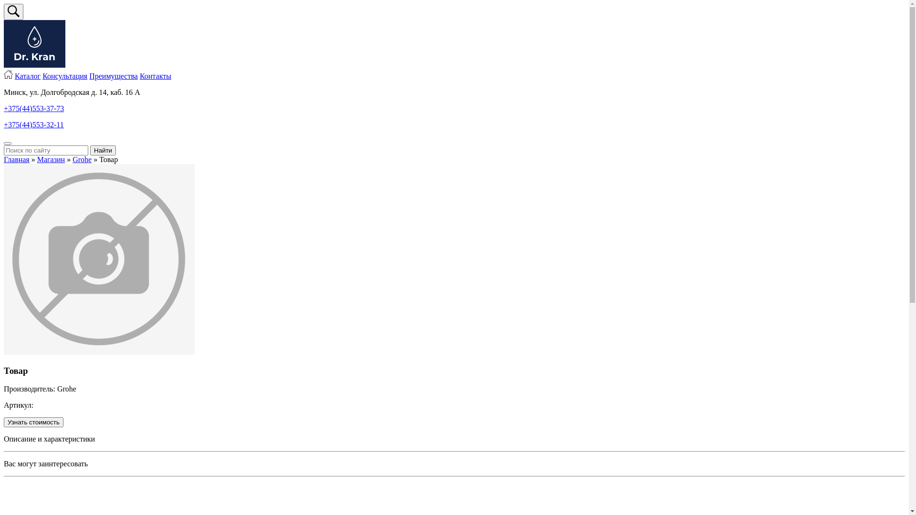  What do you see at coordinates (82, 159) in the screenshot?
I see `'Grohe'` at bounding box center [82, 159].